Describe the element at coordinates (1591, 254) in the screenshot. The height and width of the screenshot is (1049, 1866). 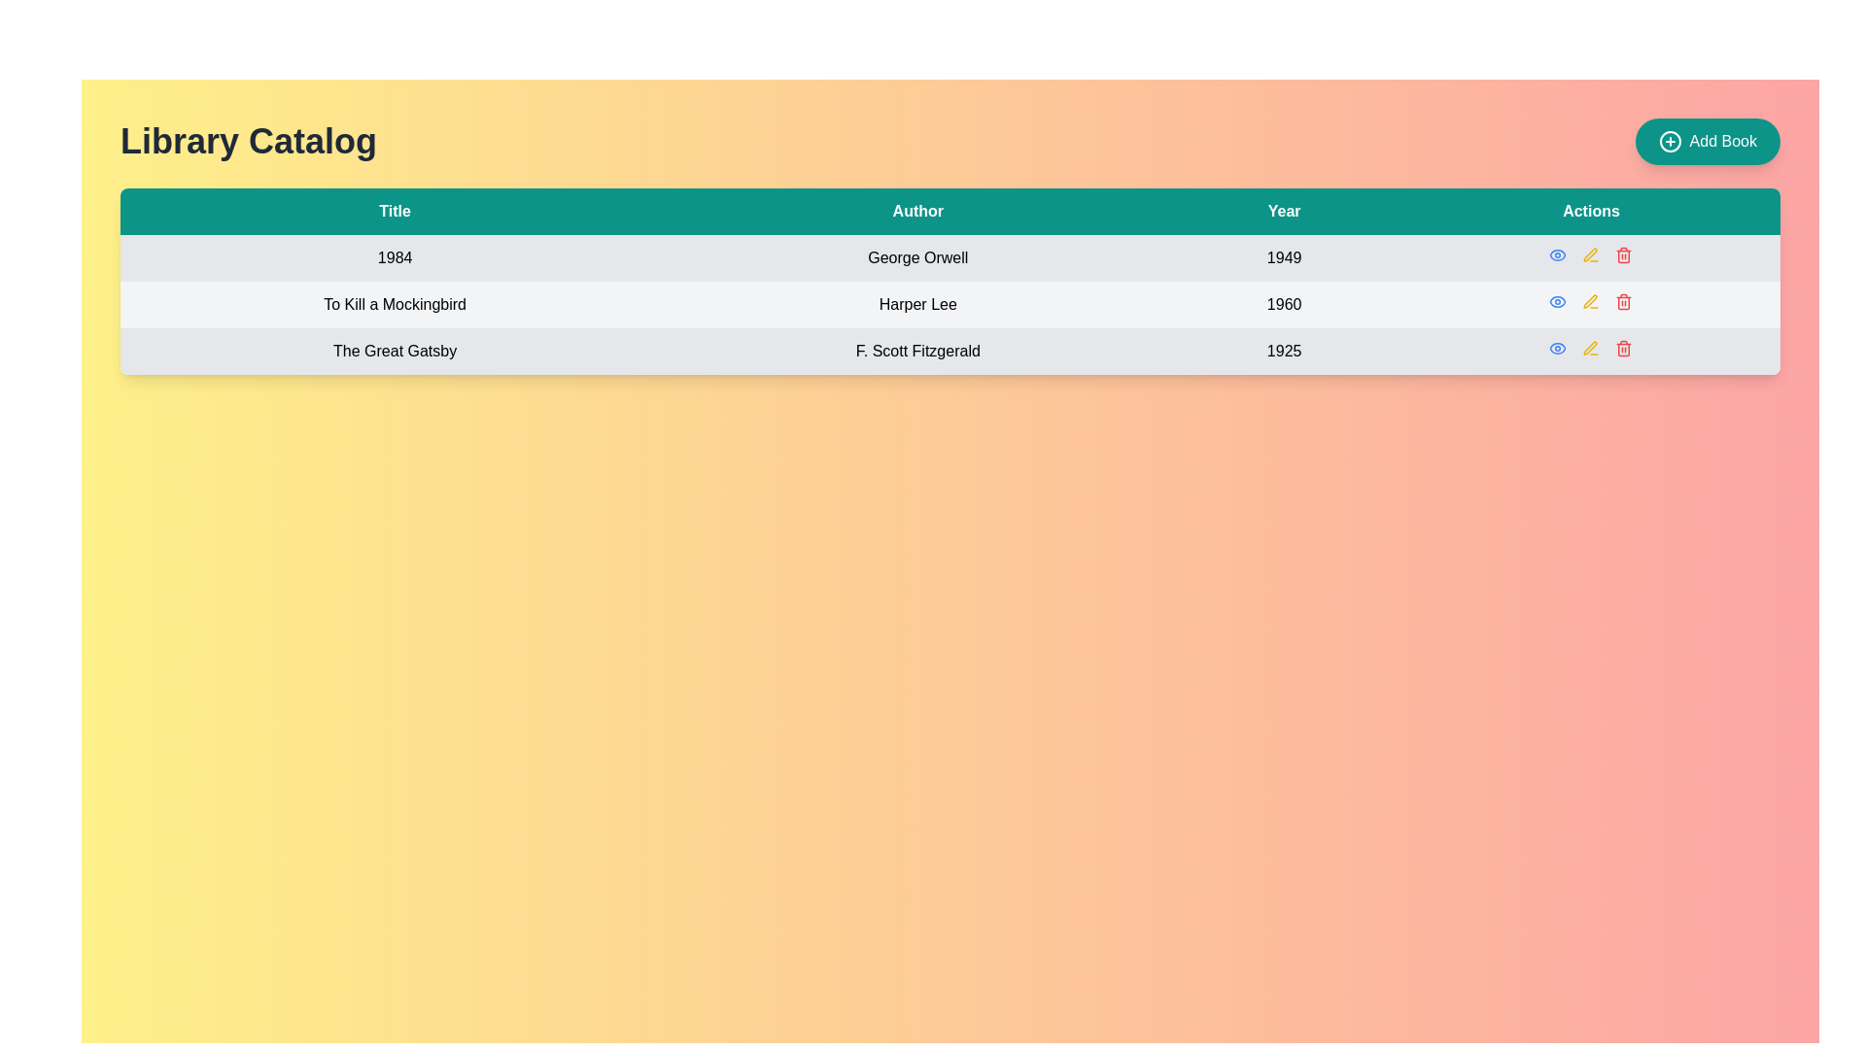
I see `the edit button located in the 'Actions' column of the first row in the table` at that location.